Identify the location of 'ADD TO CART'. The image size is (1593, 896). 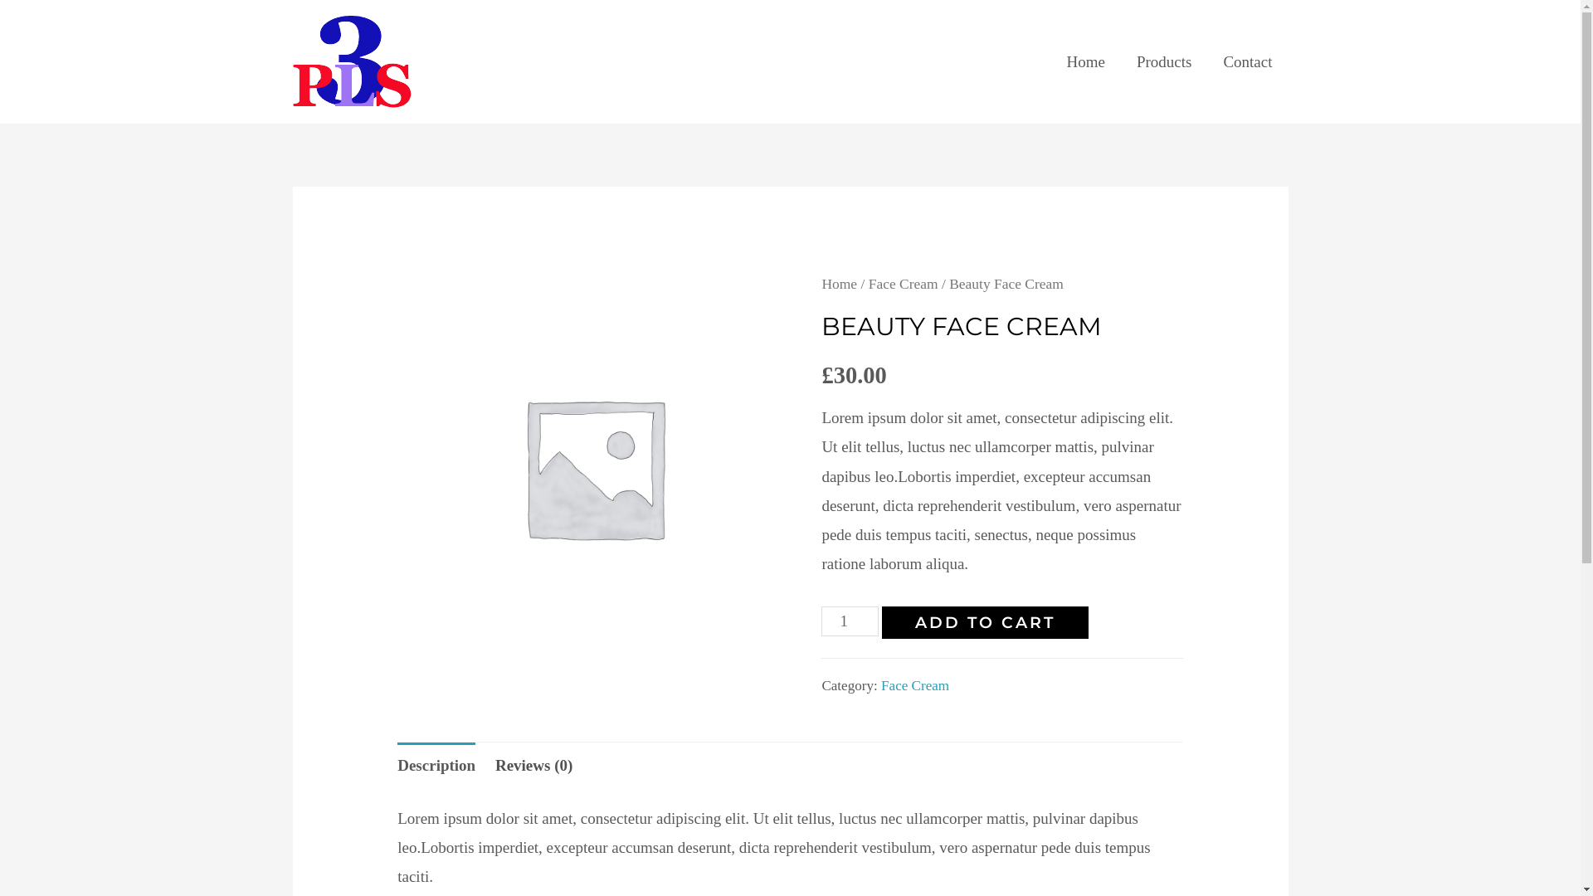
(985, 622).